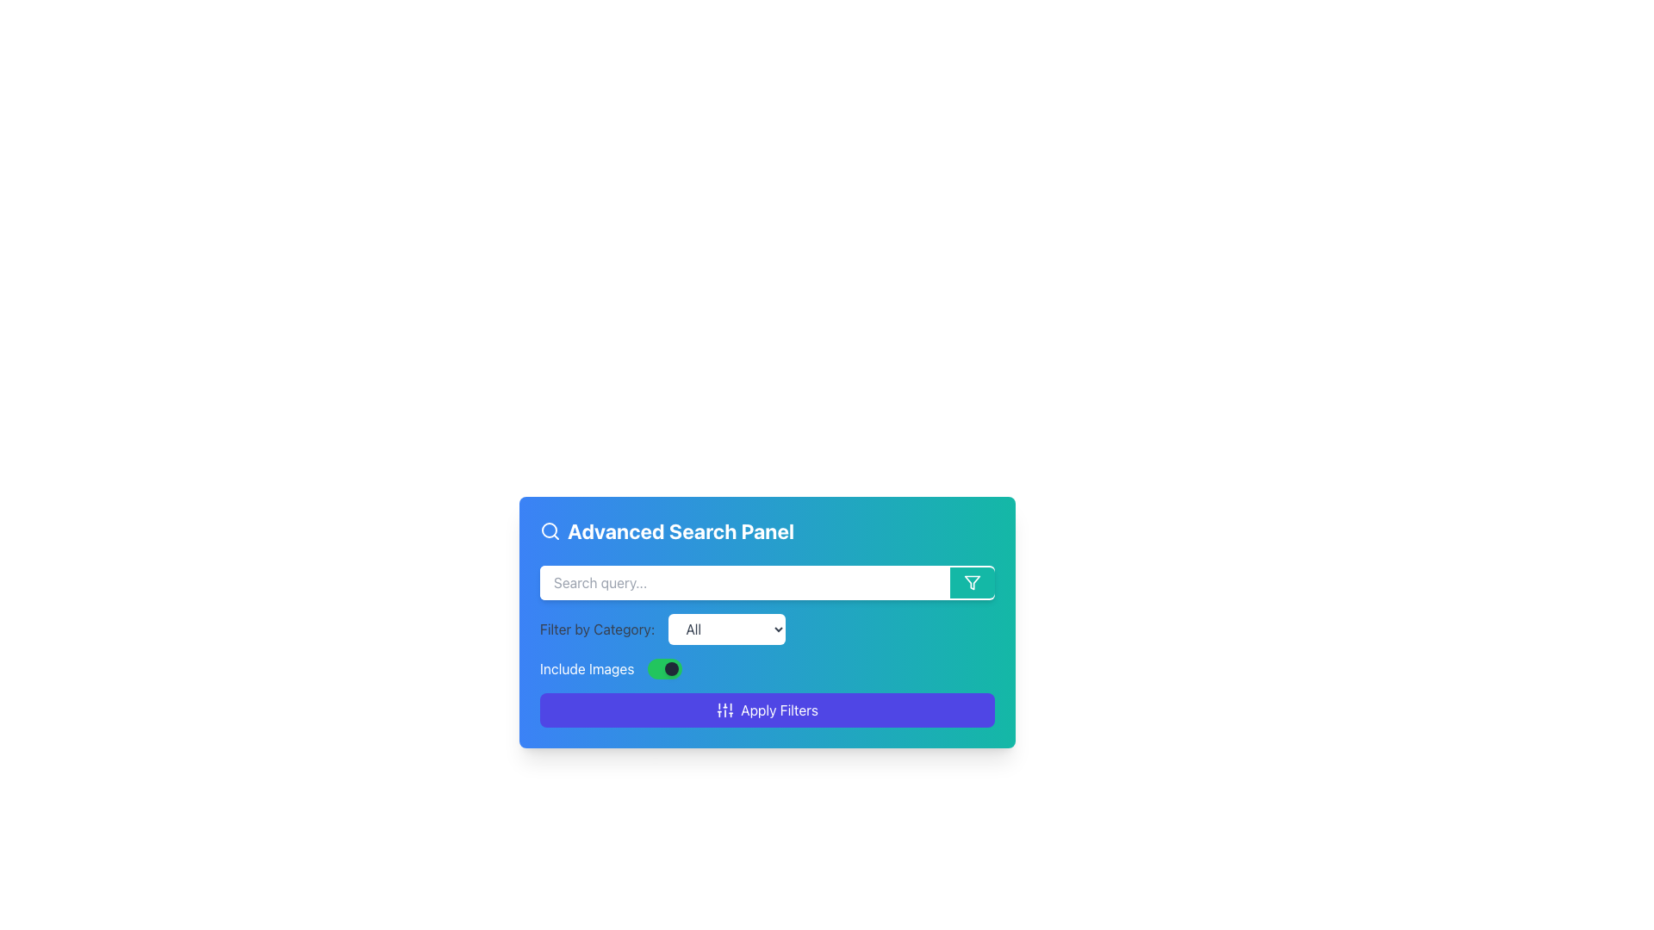  Describe the element at coordinates (972, 582) in the screenshot. I see `the filter icon located in the top right corner of the search input box in the Advanced Search Panel` at that location.